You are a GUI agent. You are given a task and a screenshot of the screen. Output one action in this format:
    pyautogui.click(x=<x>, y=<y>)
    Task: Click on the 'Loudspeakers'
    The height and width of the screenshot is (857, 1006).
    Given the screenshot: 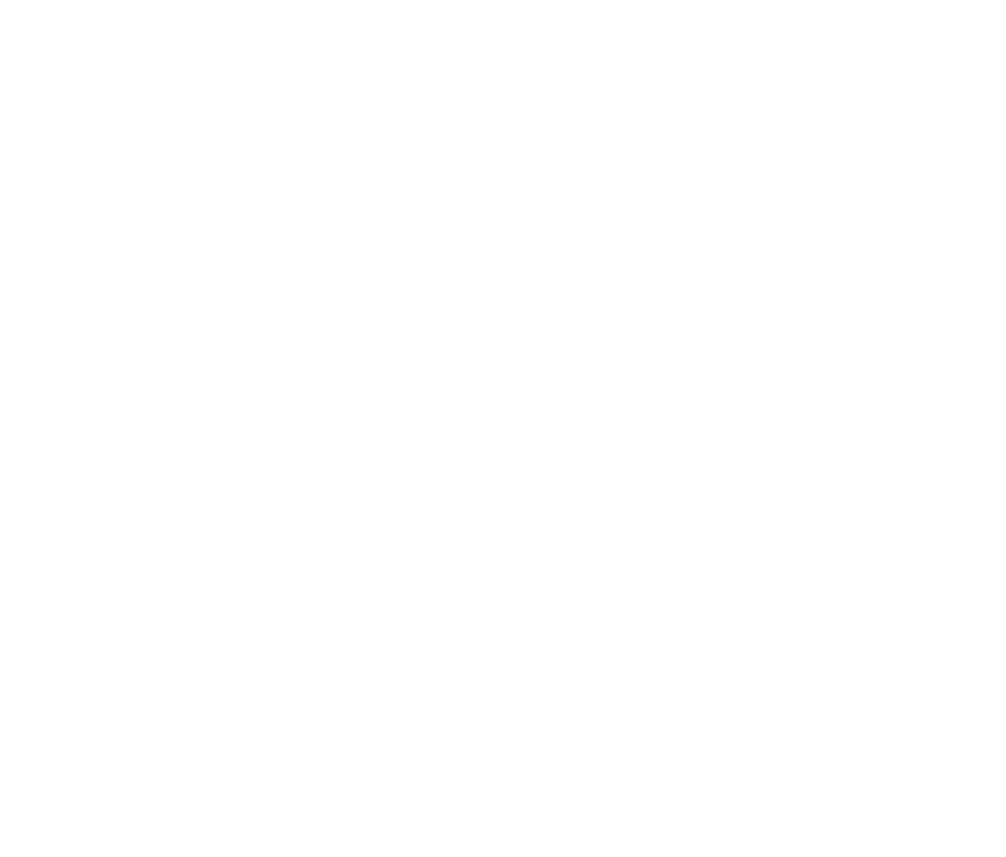 What is the action you would take?
    pyautogui.click(x=215, y=823)
    